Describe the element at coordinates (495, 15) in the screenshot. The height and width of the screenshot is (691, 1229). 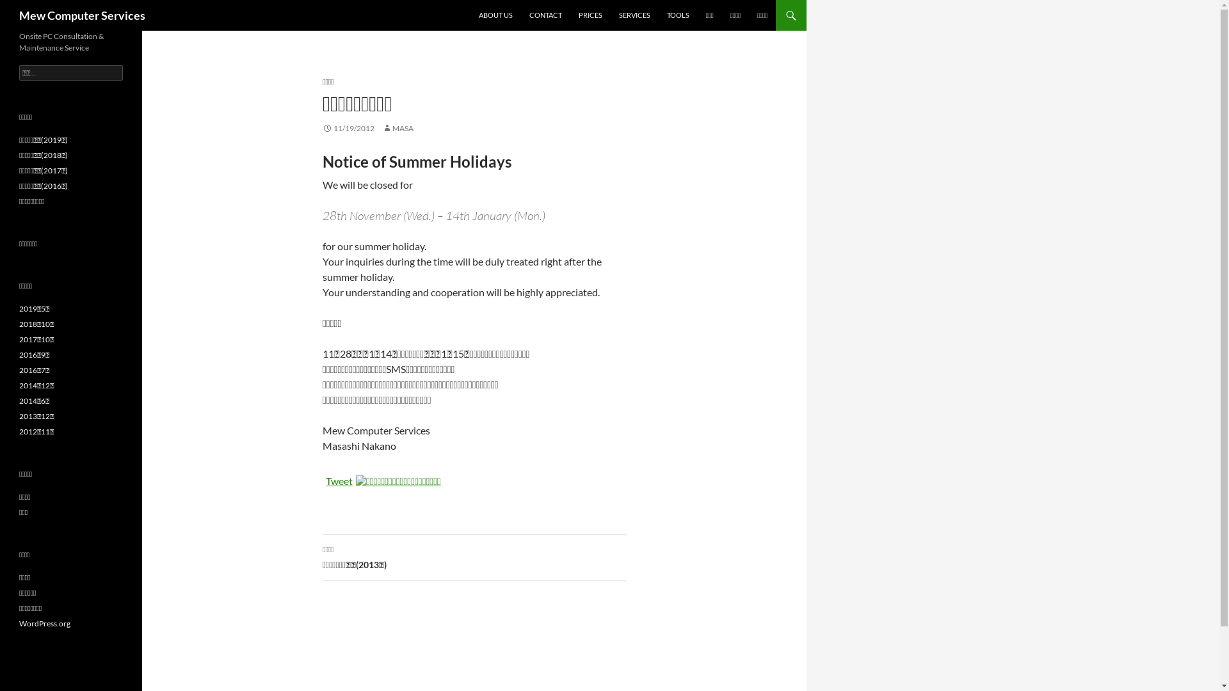
I see `'ABOUT US'` at that location.